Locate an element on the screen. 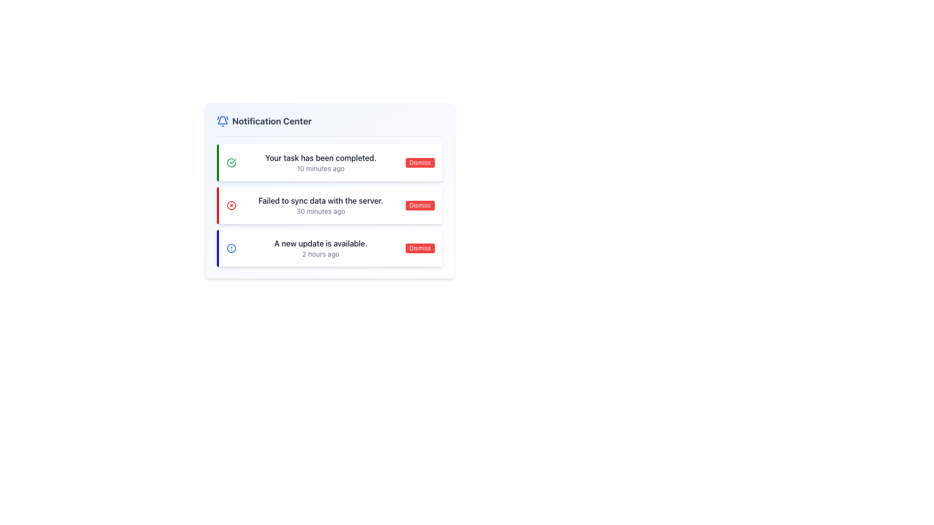  the text block displaying 'A new update is available.' with the timestamp '2 hours ago' in the third notification card of the Notification Center is located at coordinates (321, 247).